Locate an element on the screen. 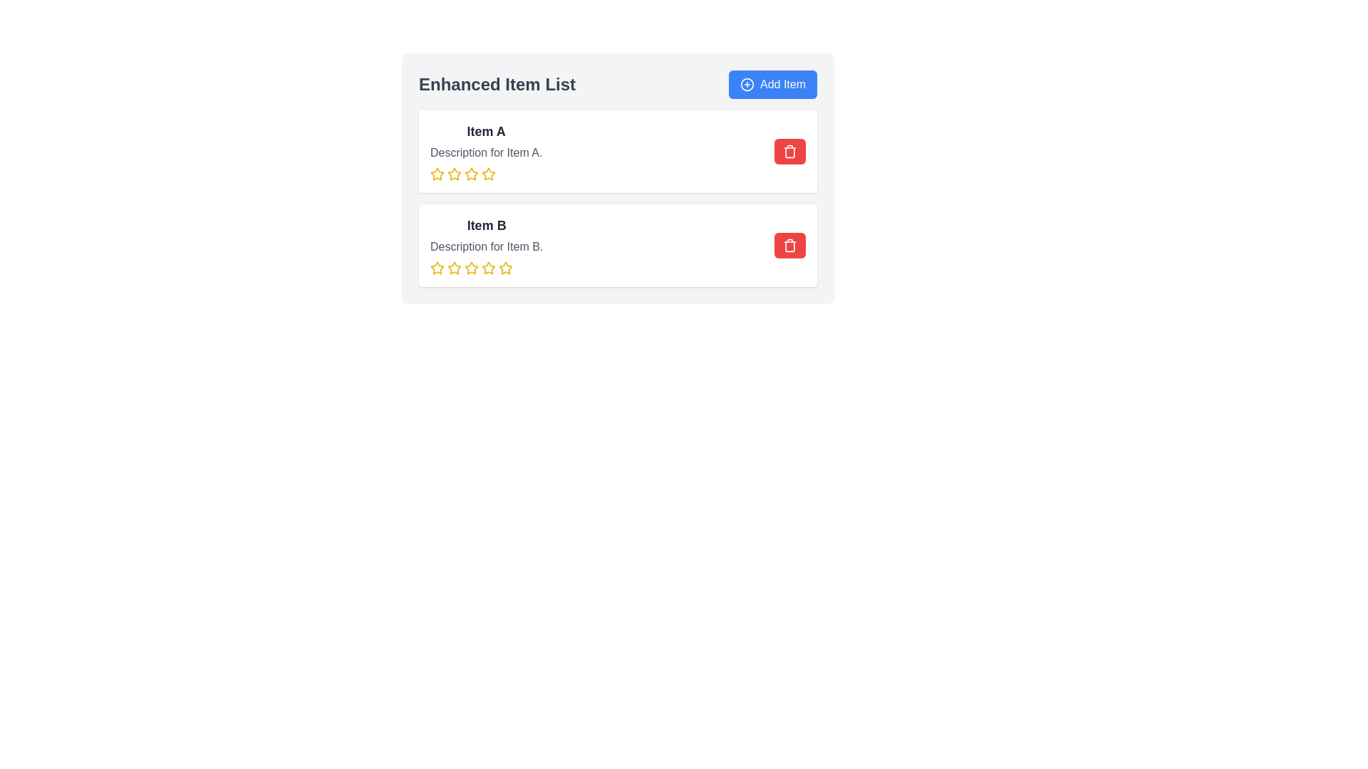 The height and width of the screenshot is (769, 1368). the fourth star icon in the rating system is located at coordinates (472, 268).